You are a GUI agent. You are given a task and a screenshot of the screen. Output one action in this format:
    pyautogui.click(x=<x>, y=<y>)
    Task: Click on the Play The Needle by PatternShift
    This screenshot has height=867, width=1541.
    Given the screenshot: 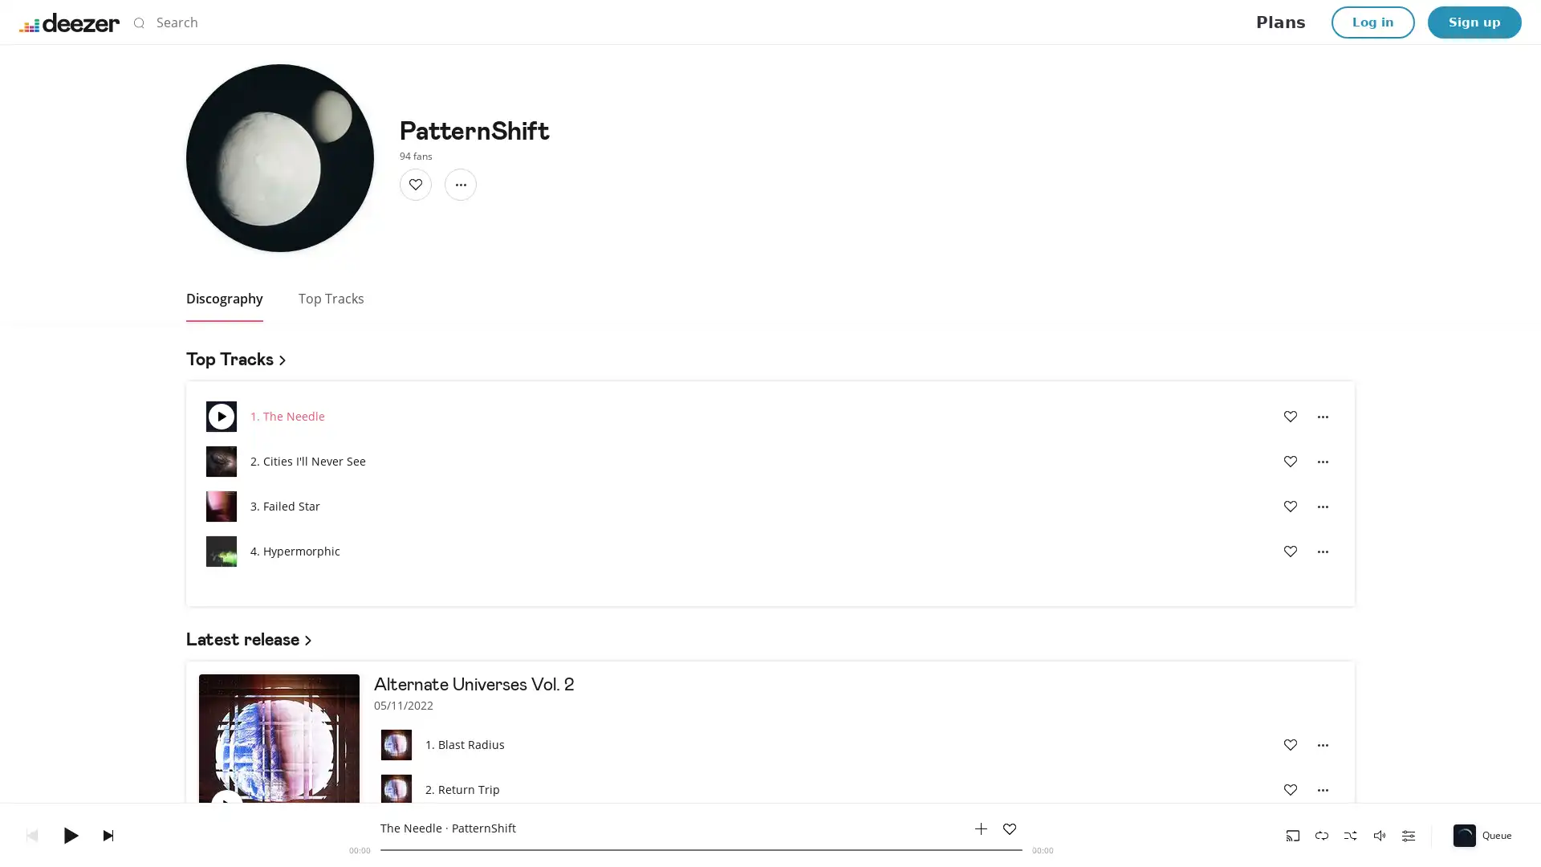 What is the action you would take?
    pyautogui.click(x=220, y=416)
    